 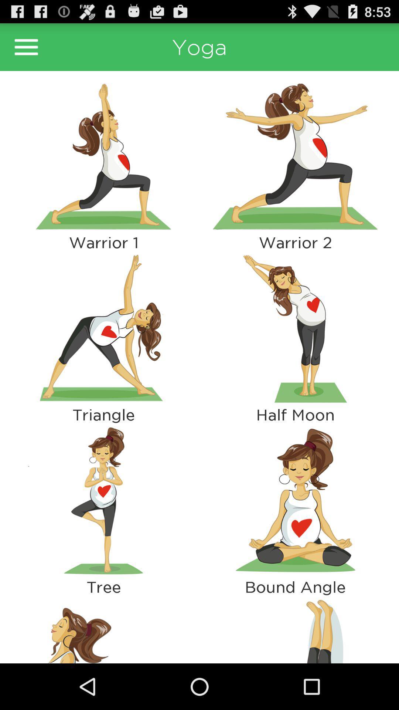 I want to click on the avatar icon, so click(x=103, y=673).